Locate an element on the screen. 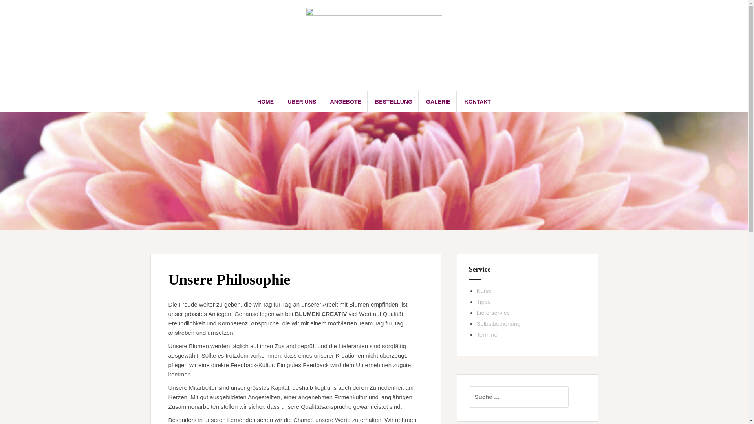 Image resolution: width=754 pixels, height=424 pixels. 'Tipps' is located at coordinates (483, 301).